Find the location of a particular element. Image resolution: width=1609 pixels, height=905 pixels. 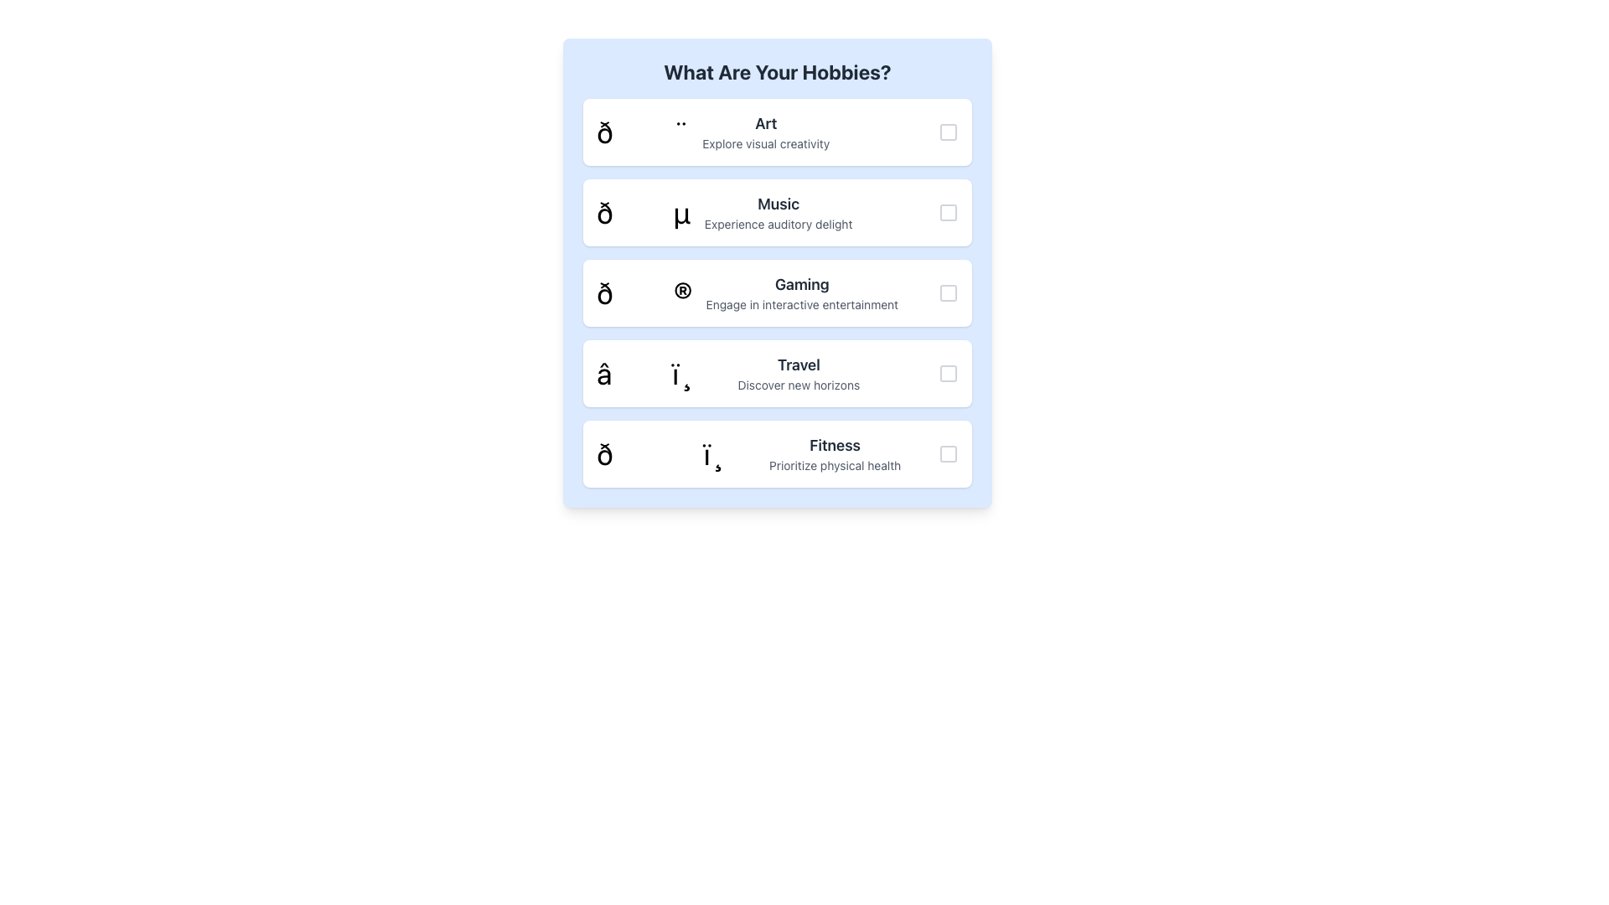

the text content element titled 'Gaming' that includes the description 'Engage in interactive entertainment', positioned centrally within the 'Gaming' section is located at coordinates (801, 292).